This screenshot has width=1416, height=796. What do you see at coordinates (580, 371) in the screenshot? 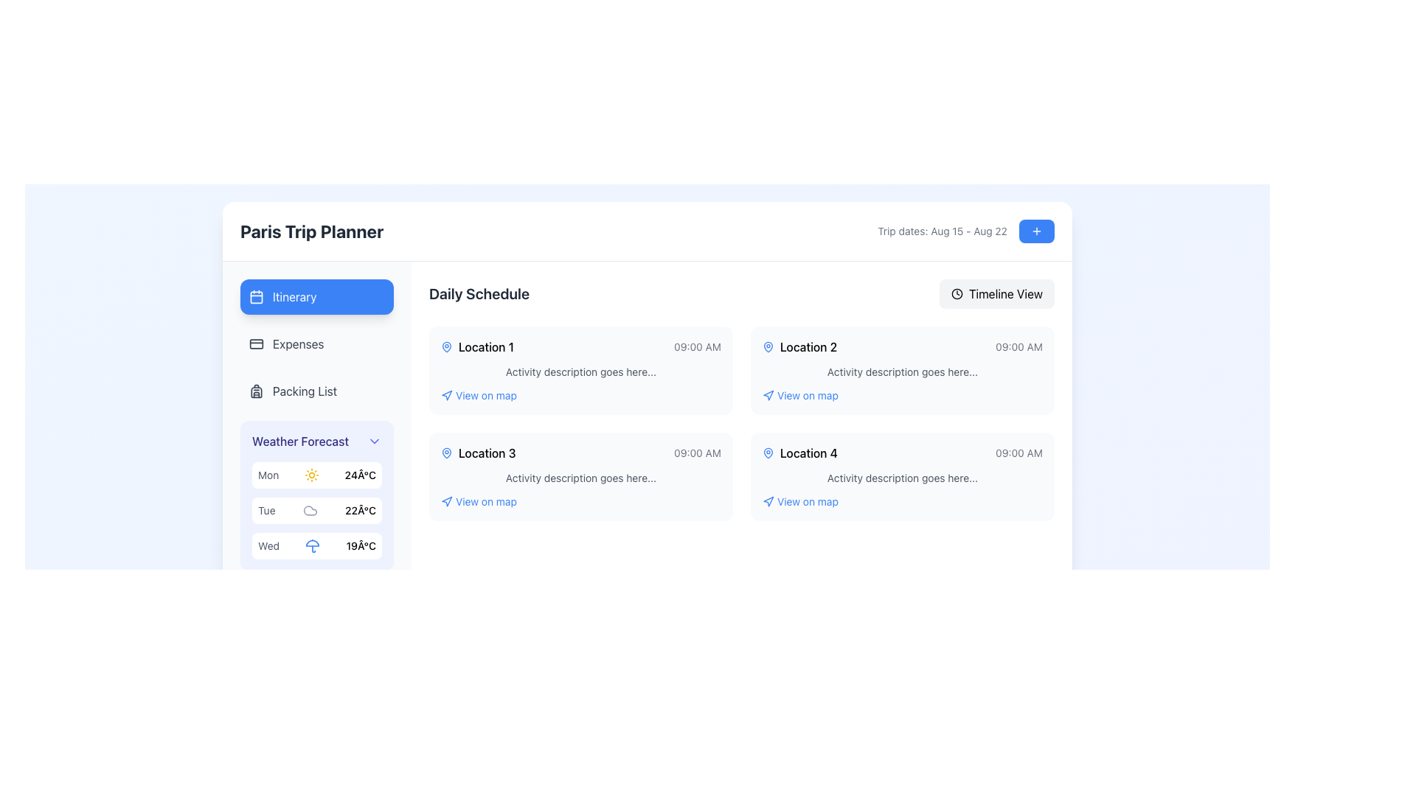
I see `the Text element that serves as a placeholder description for the activity associated with 'Location 1', located in the Daily Schedule area, beneath the title and time information` at bounding box center [580, 371].